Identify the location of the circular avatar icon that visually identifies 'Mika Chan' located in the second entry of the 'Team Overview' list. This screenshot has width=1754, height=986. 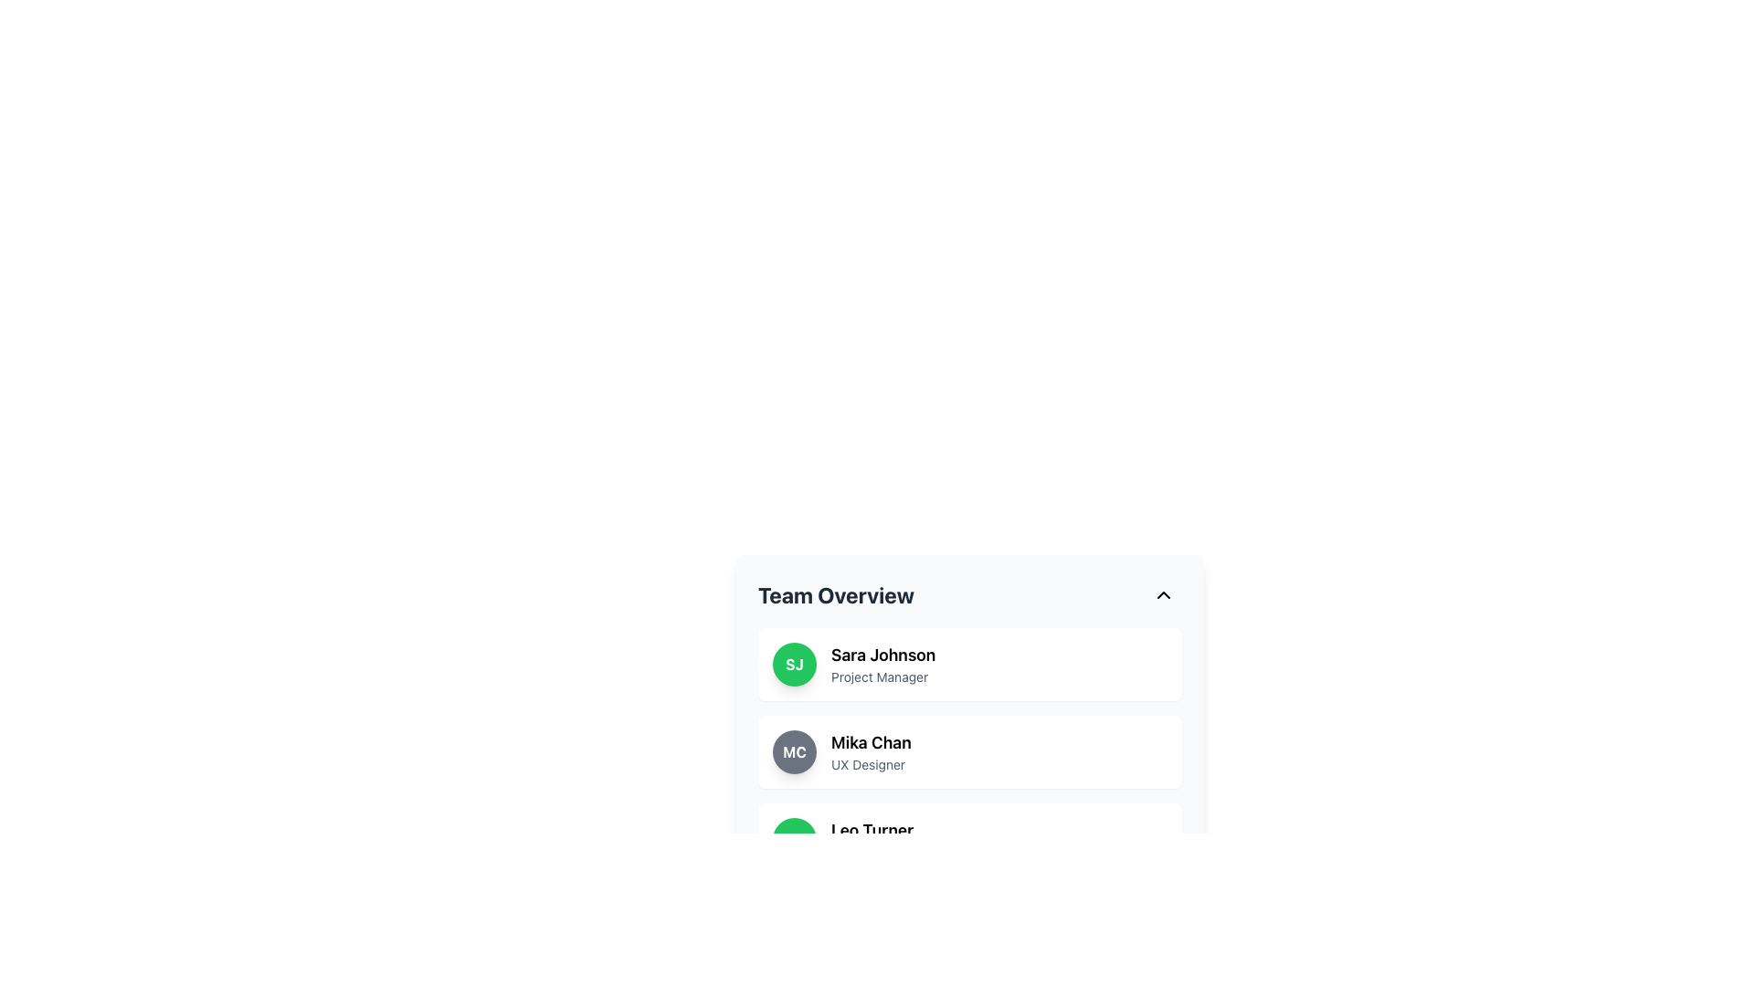
(794, 752).